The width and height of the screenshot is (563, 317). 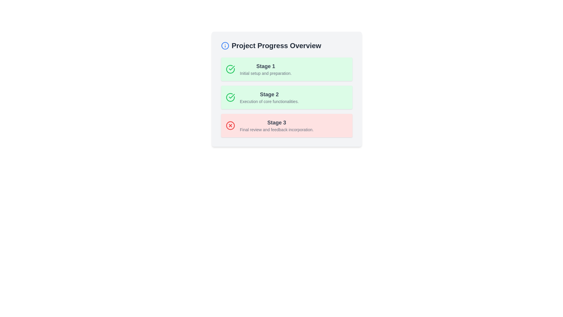 What do you see at coordinates (269, 94) in the screenshot?
I see `the Static text label that signifies the current or highlighted step in the outlined project stages` at bounding box center [269, 94].